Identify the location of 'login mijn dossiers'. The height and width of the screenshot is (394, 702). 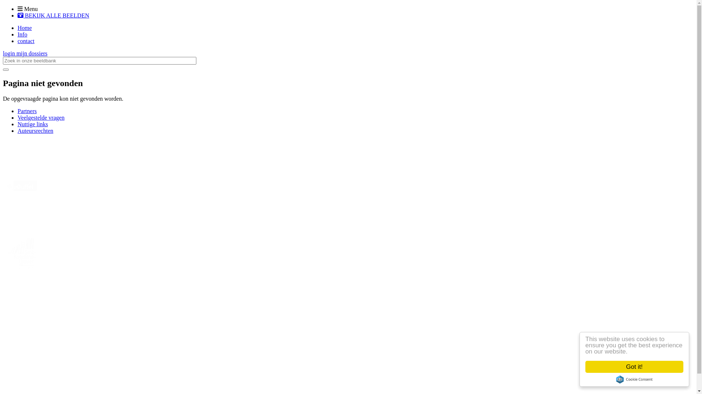
(25, 53).